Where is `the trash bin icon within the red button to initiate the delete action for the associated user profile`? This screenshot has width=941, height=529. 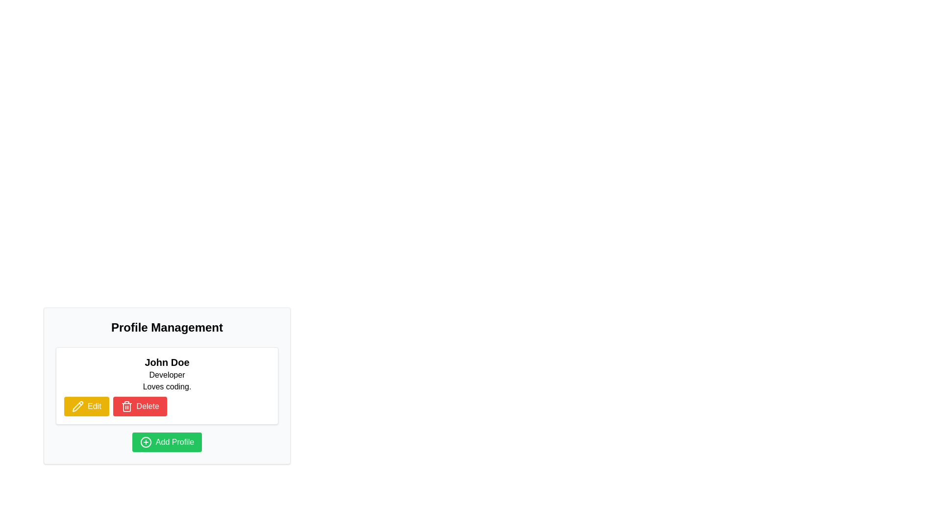 the trash bin icon within the red button to initiate the delete action for the associated user profile is located at coordinates (126, 406).